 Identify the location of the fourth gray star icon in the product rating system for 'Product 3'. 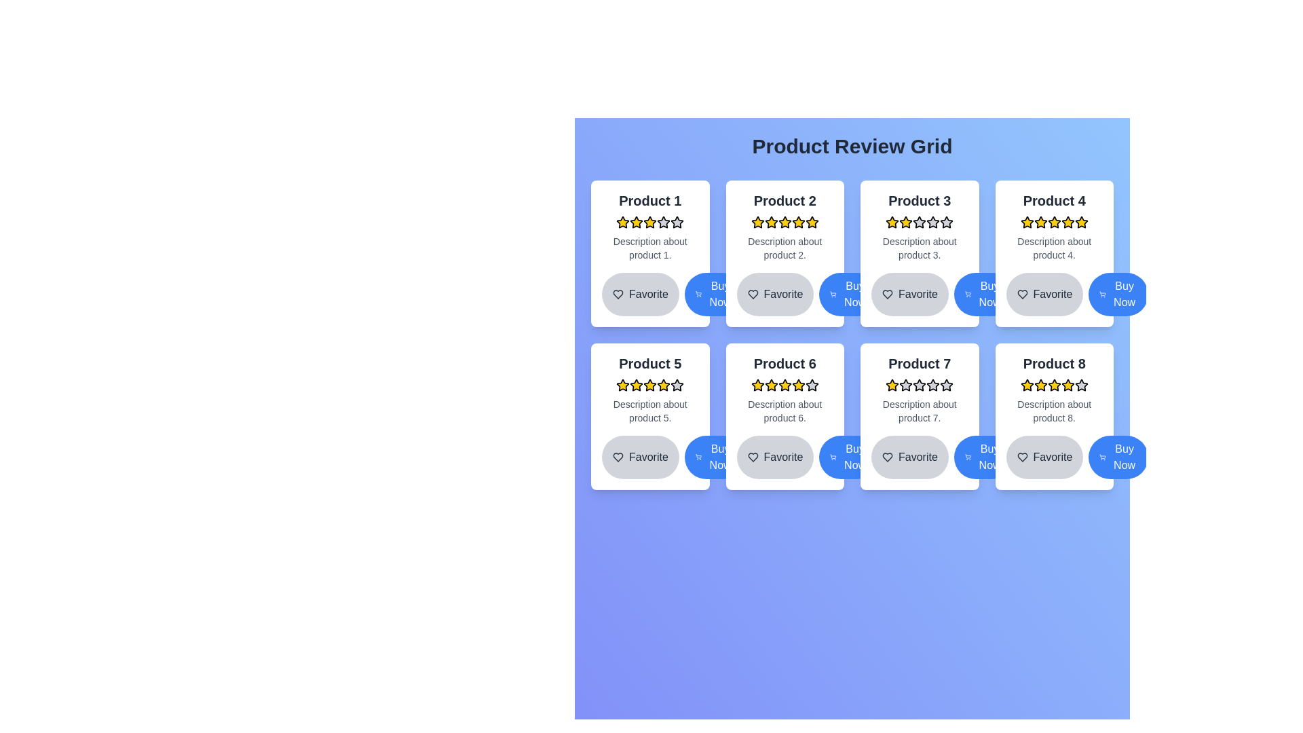
(920, 221).